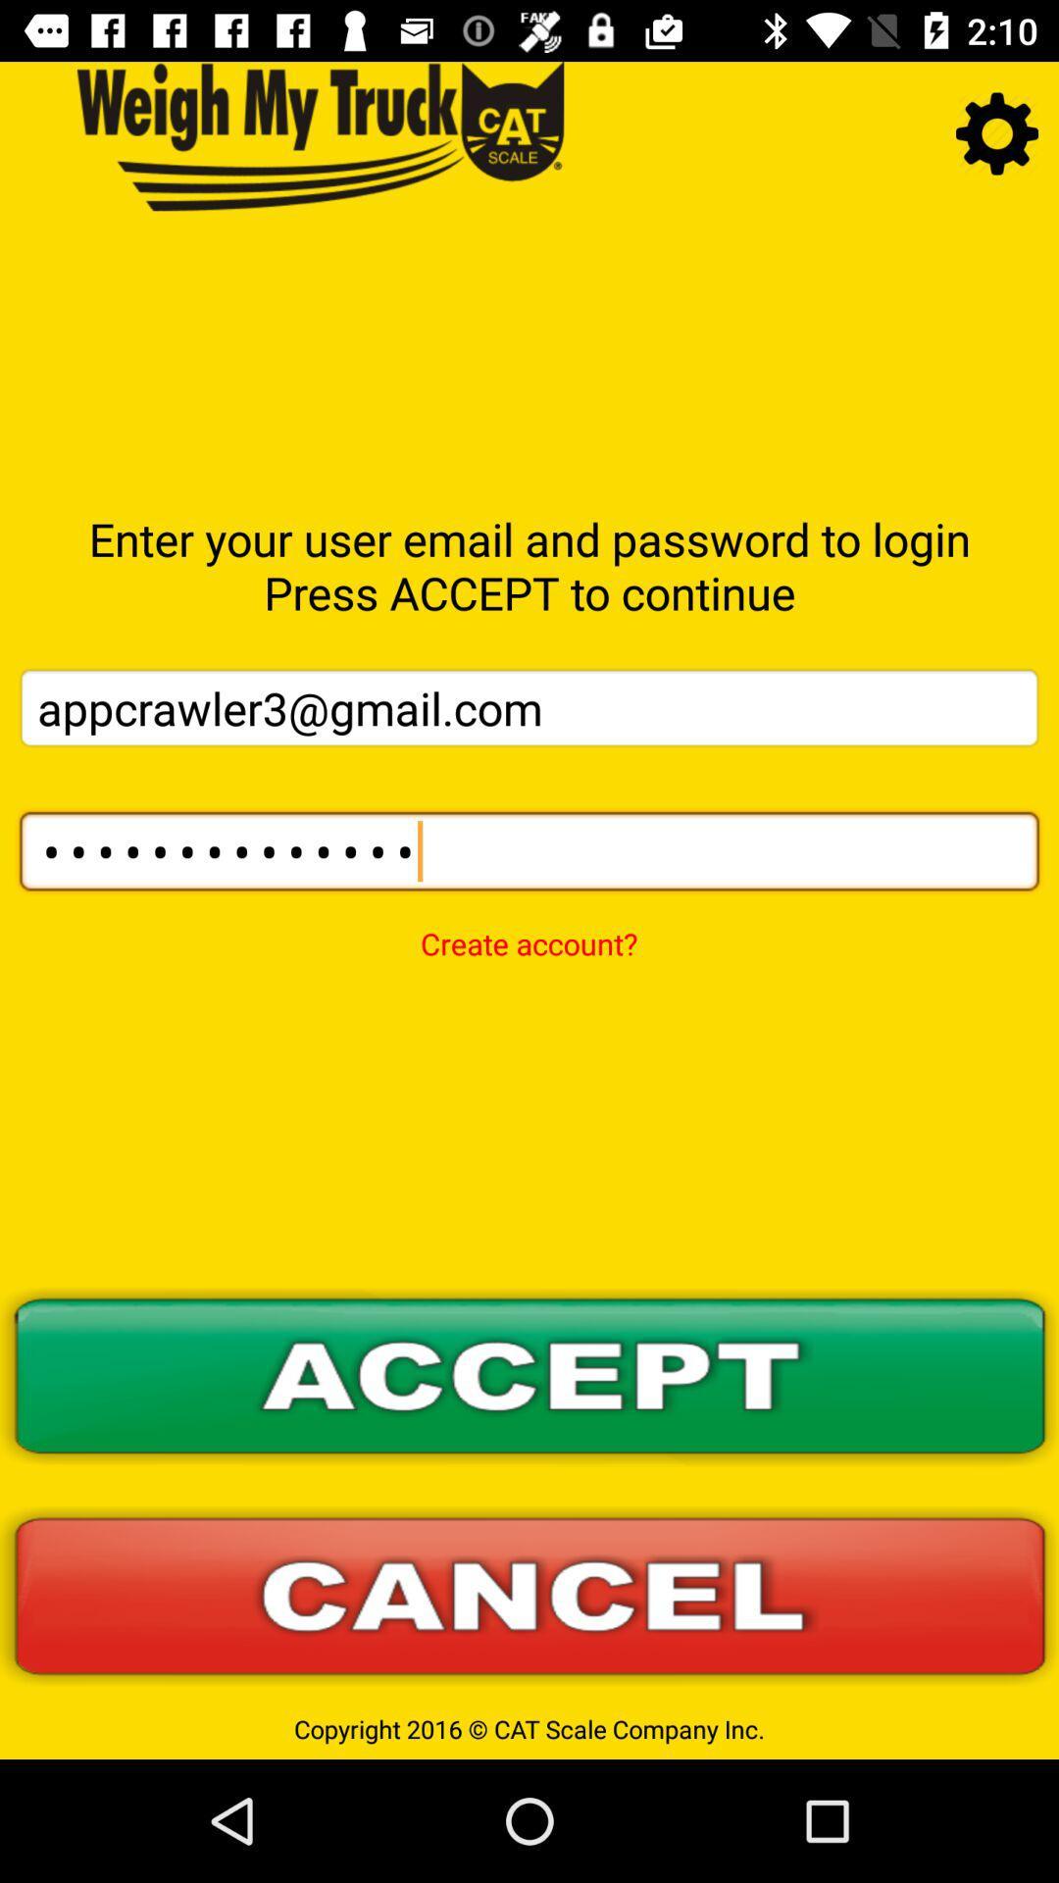 The width and height of the screenshot is (1059, 1883). I want to click on the appcrawler3116, so click(529, 851).